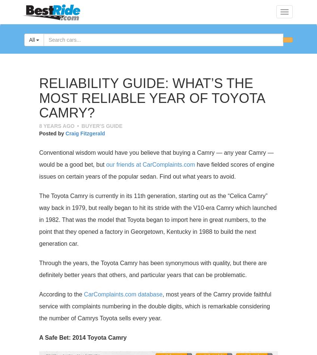  What do you see at coordinates (83, 337) in the screenshot?
I see `'A Safe Bet: 2014 Toyota Camry'` at bounding box center [83, 337].